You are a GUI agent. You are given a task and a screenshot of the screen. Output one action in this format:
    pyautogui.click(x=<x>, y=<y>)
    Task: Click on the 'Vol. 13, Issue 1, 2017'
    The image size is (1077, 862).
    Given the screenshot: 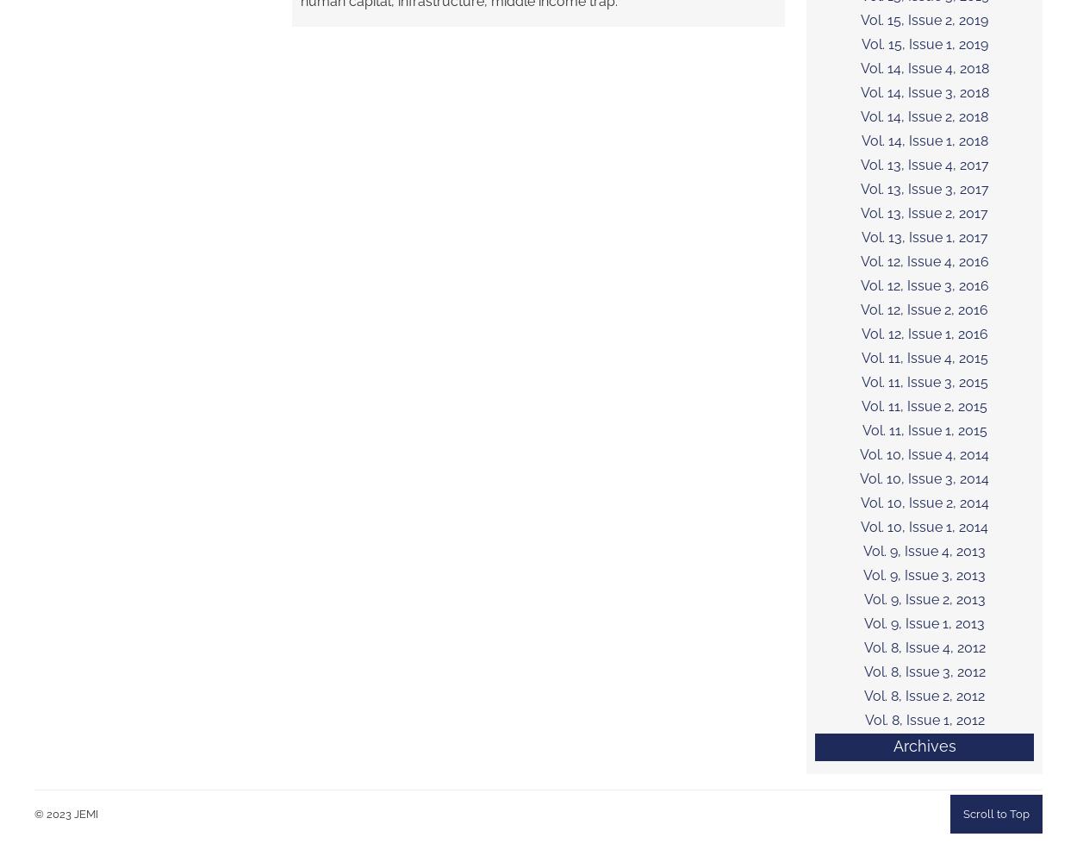 What is the action you would take?
    pyautogui.click(x=923, y=237)
    